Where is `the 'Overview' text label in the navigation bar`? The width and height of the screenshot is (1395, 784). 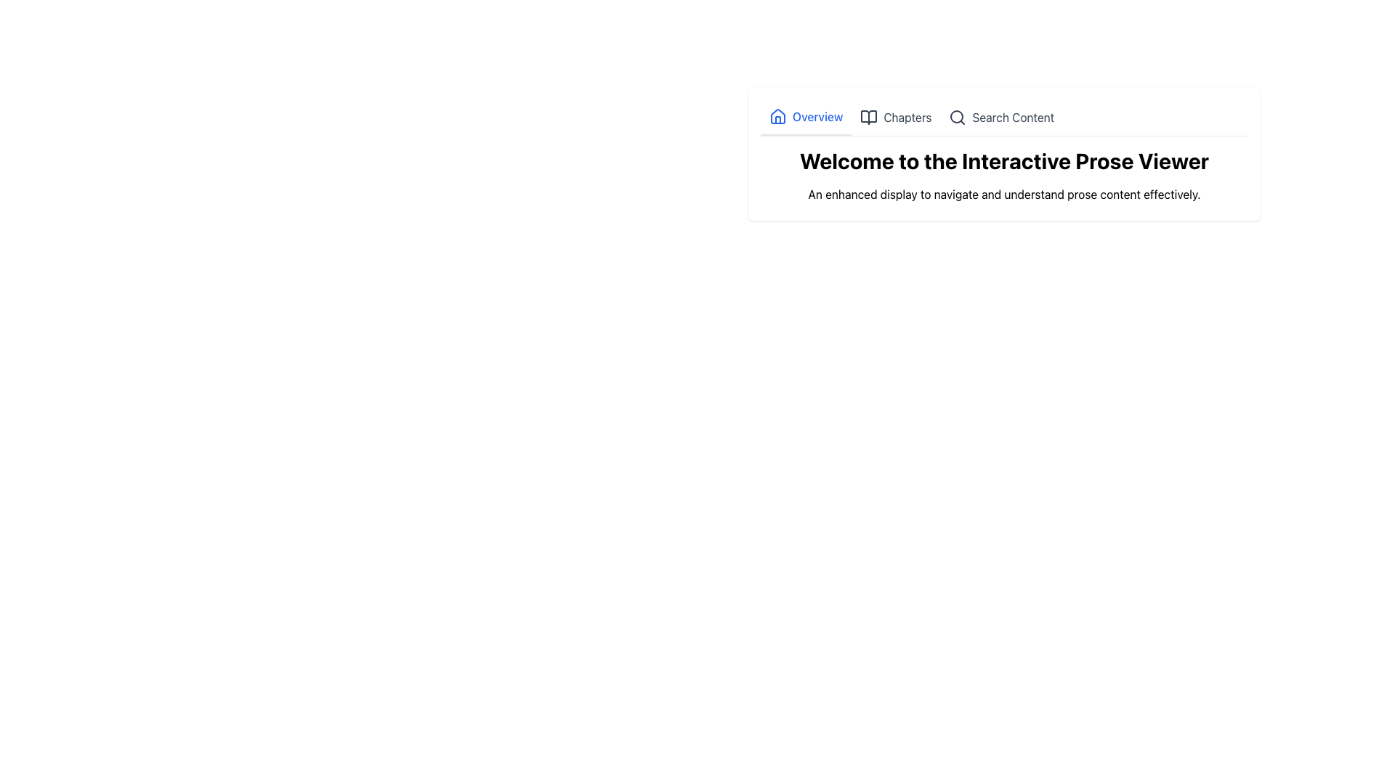 the 'Overview' text label in the navigation bar is located at coordinates (817, 116).